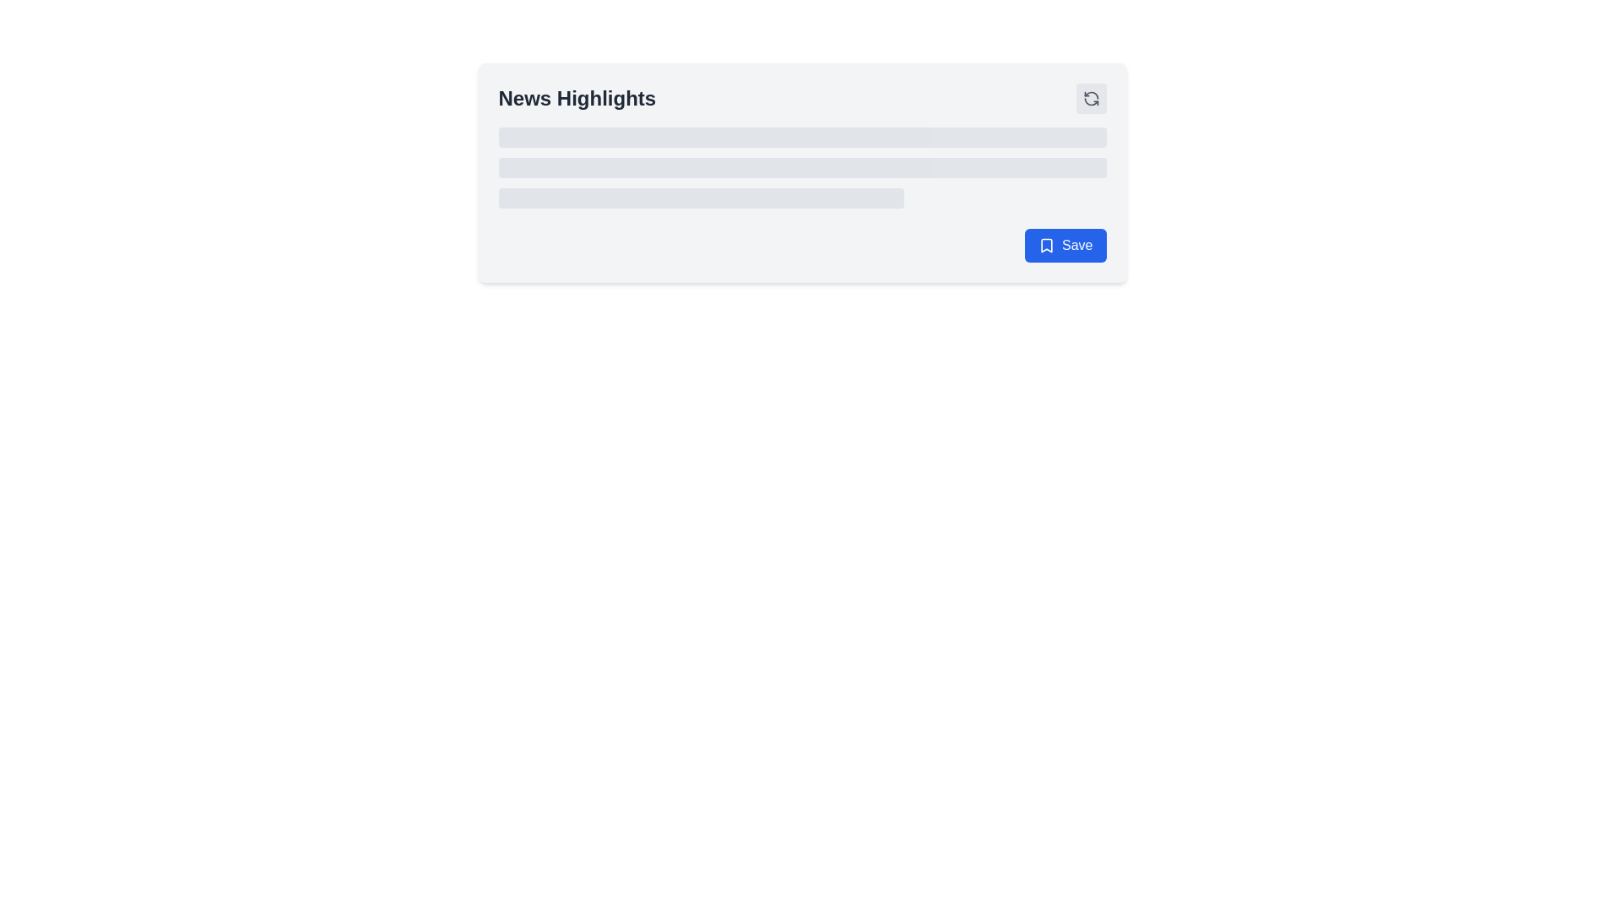 This screenshot has height=912, width=1621. I want to click on the bookmark icon located inside the blue 'Save' button at the bottom-right of the panel, so click(1045, 245).